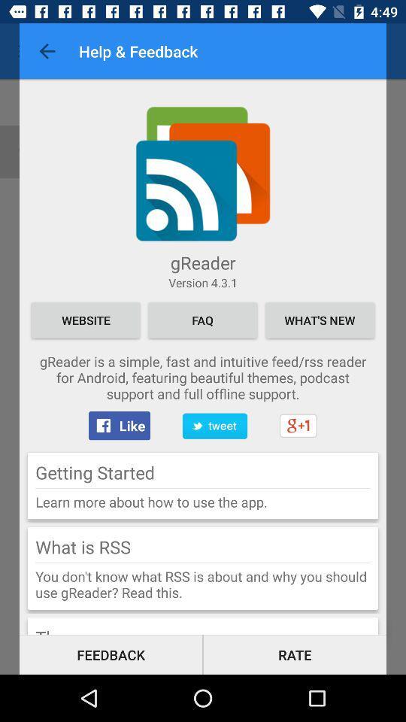  Describe the element at coordinates (295, 654) in the screenshot. I see `icon below you don t` at that location.